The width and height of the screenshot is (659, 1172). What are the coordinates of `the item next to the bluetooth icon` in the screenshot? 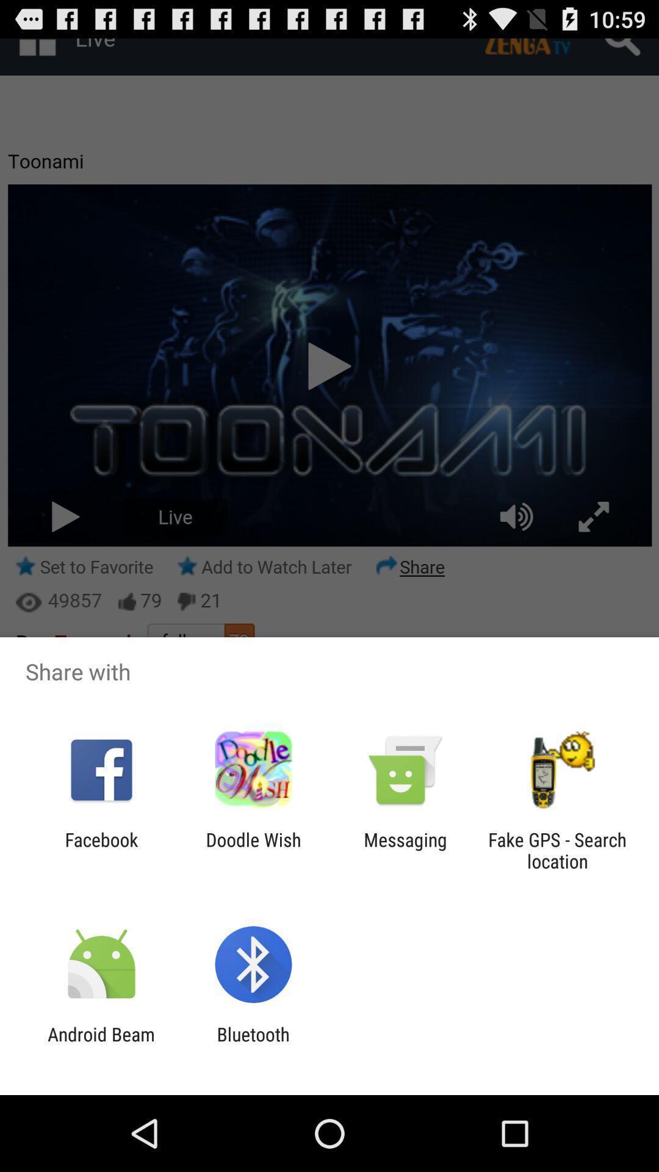 It's located at (101, 1044).